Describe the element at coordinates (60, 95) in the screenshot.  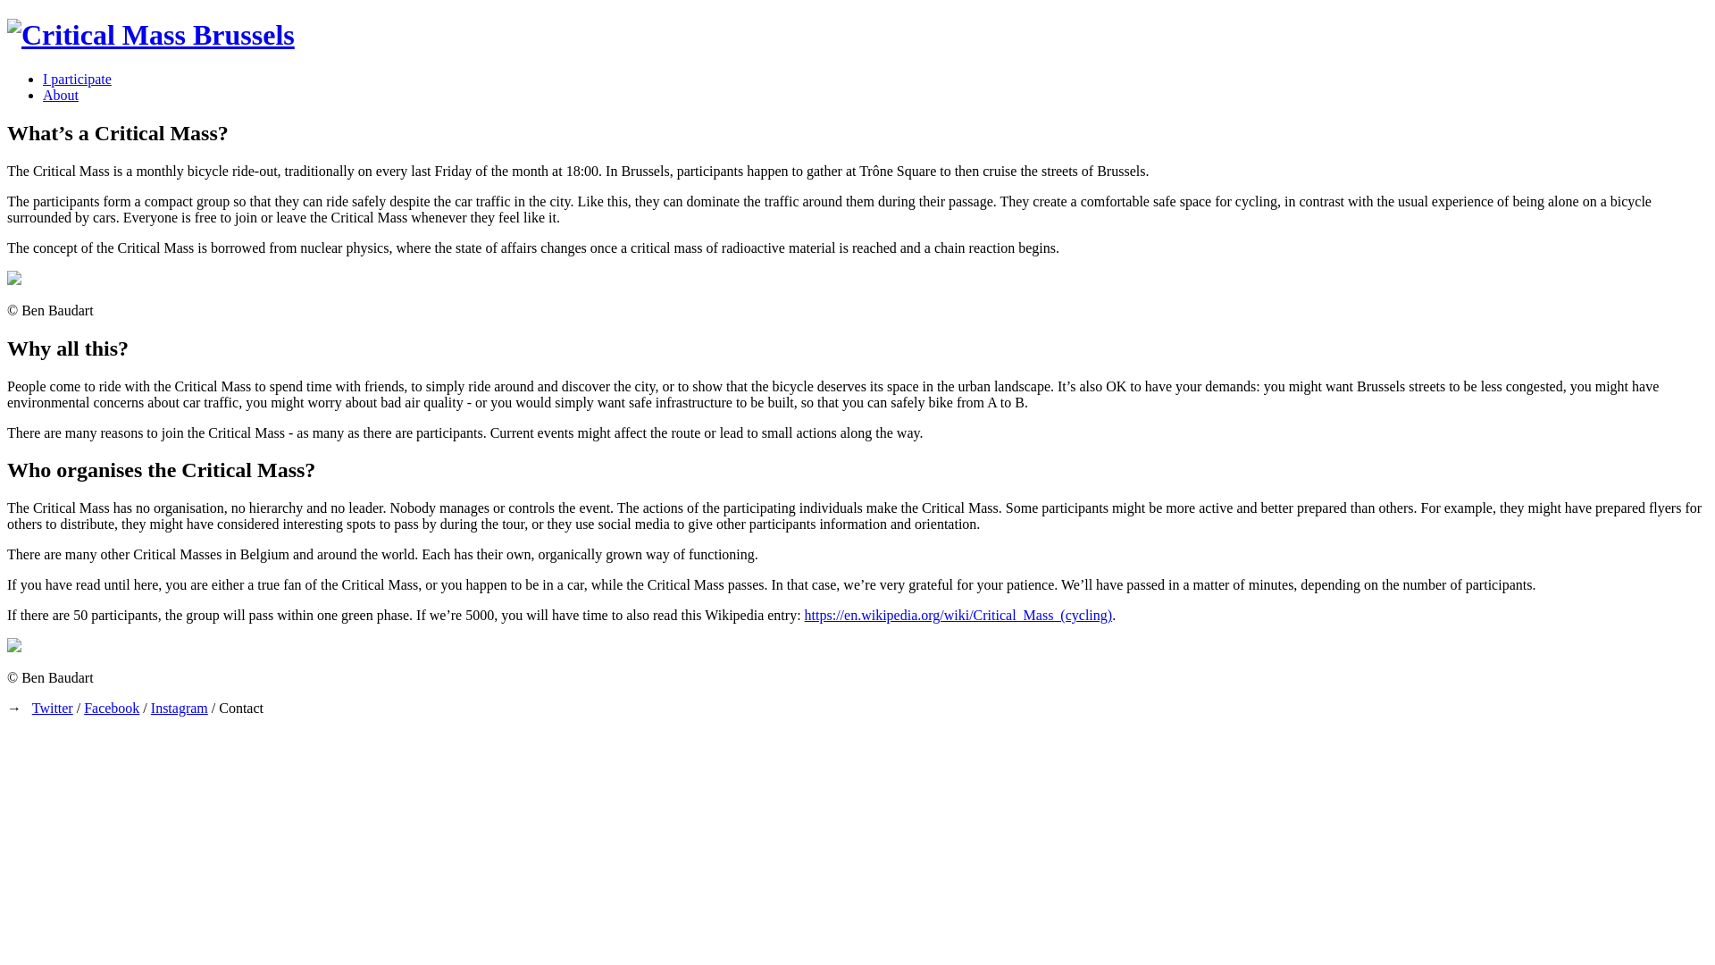
I see `'About'` at that location.